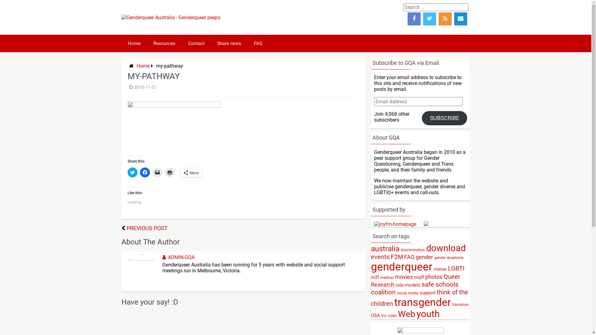 This screenshot has height=335, width=596. Describe the element at coordinates (404, 277) in the screenshot. I see `'movies'` at that location.